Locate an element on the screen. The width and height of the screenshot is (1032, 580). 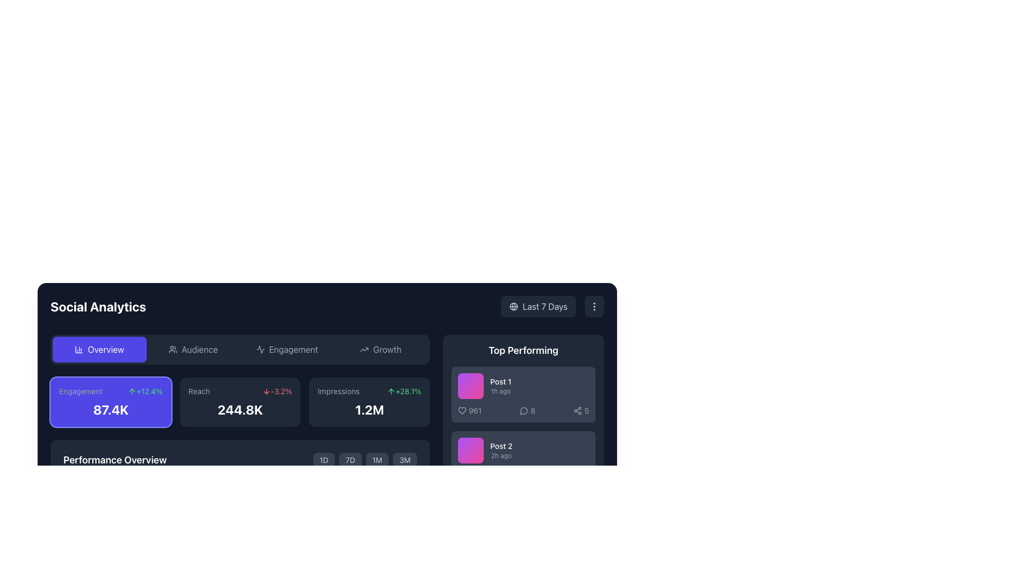
the 'Engagement' text label in the navigation bar is located at coordinates (293, 350).